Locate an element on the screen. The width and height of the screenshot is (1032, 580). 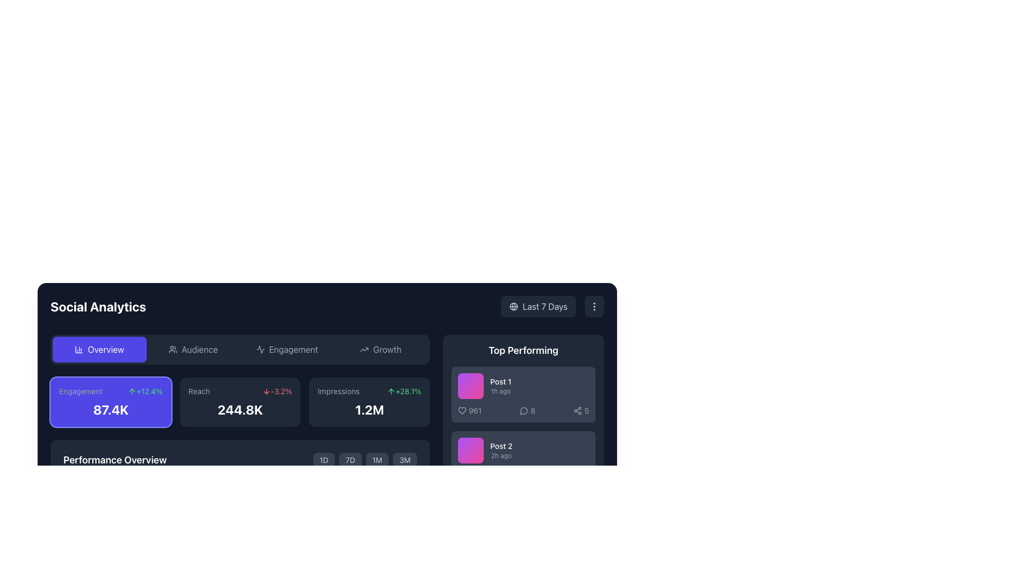
the 'Engagement' text label in the navigation bar is located at coordinates (293, 350).